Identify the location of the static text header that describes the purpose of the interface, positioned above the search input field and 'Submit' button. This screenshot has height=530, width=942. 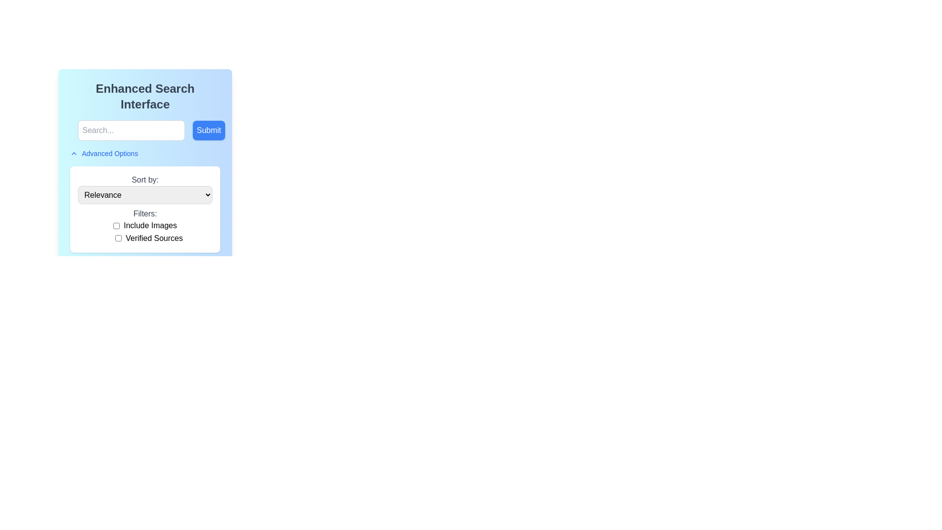
(145, 96).